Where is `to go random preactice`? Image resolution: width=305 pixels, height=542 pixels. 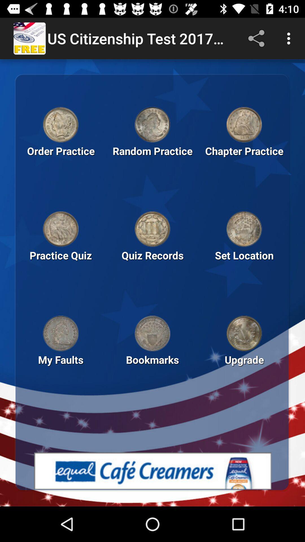
to go random preactice is located at coordinates (152, 124).